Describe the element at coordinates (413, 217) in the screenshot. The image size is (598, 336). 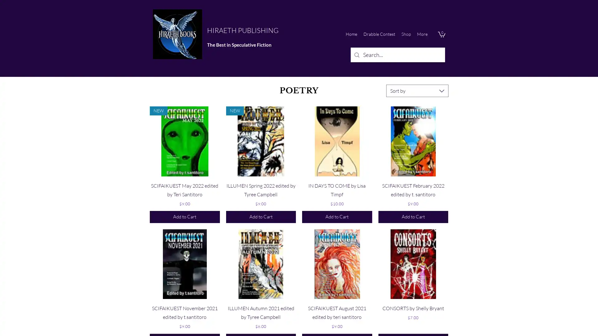
I see `Add to Cart` at that location.